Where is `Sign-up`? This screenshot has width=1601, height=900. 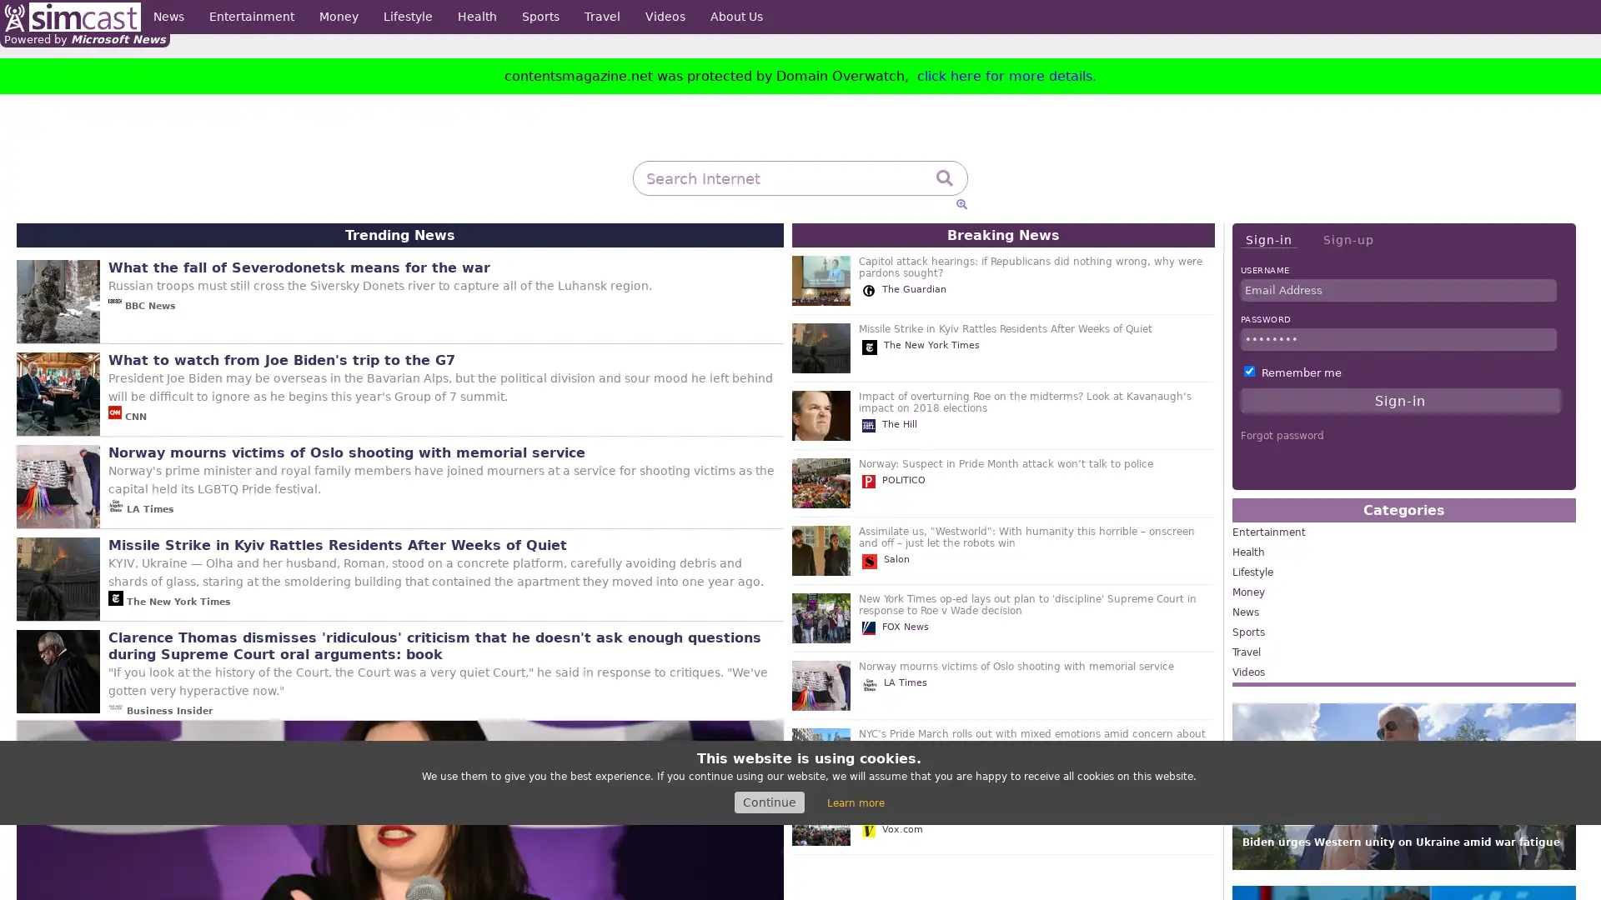 Sign-up is located at coordinates (1348, 240).